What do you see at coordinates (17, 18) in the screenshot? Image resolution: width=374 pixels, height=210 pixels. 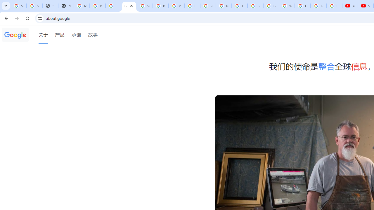 I see `'Forward'` at bounding box center [17, 18].